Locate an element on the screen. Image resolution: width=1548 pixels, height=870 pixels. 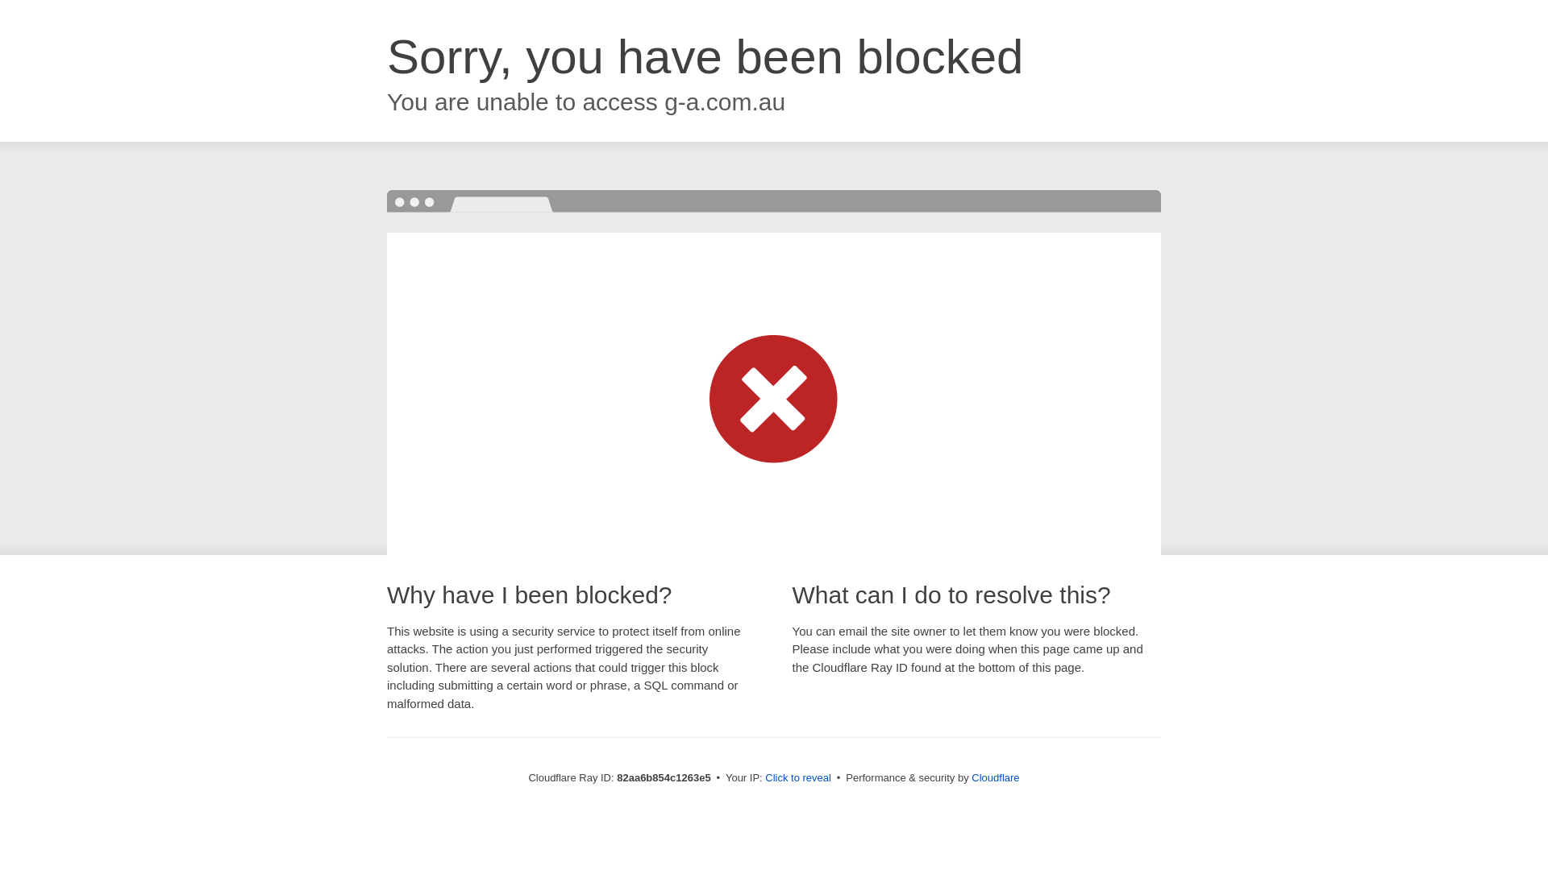
'Cloudflare' is located at coordinates (994, 777).